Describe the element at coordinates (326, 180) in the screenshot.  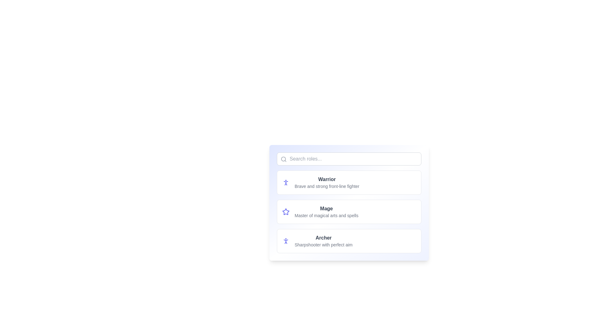
I see `the 'Warrior' role title text label in the vertically-arranged list, which identifies the role in the menu` at that location.